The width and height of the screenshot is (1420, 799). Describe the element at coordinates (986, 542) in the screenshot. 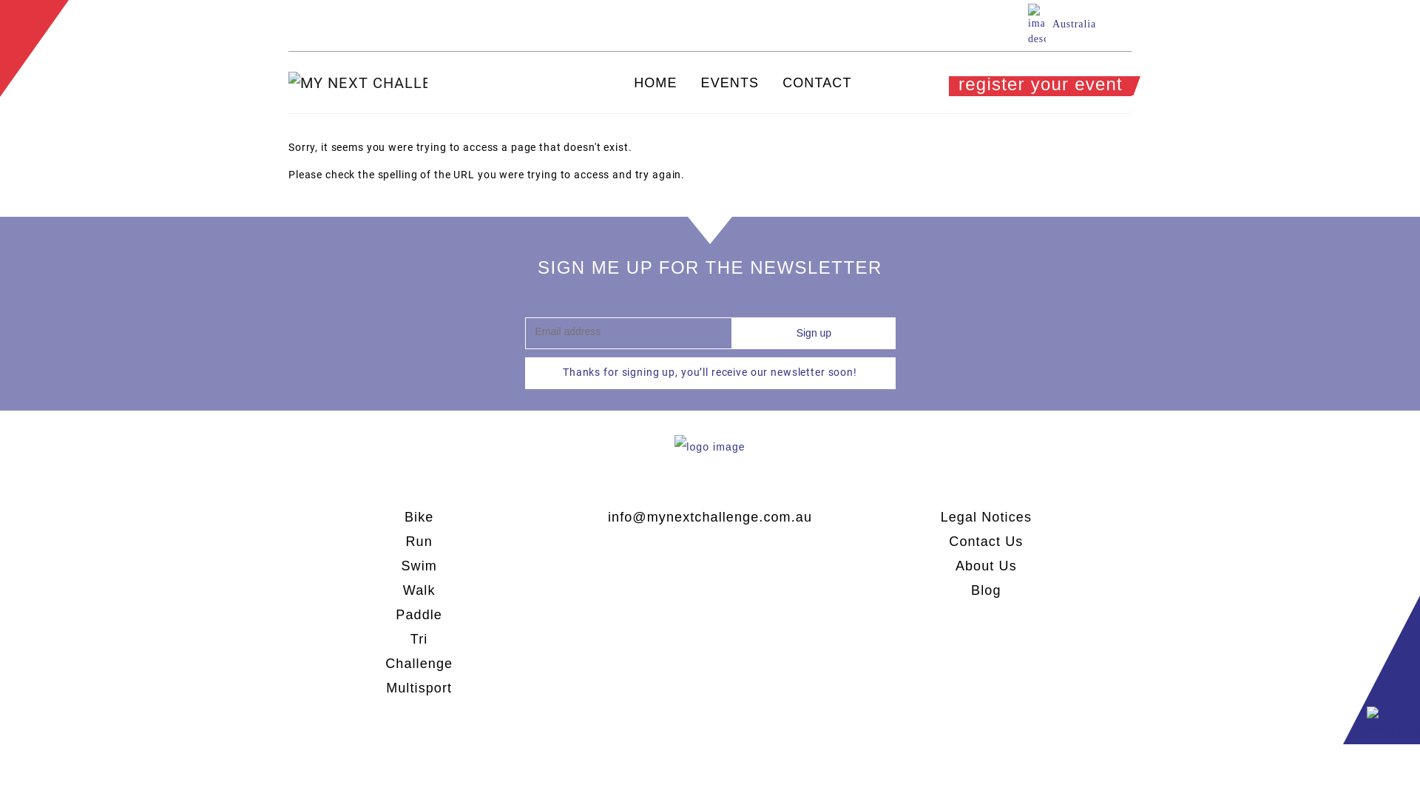

I see `'Contact Us'` at that location.